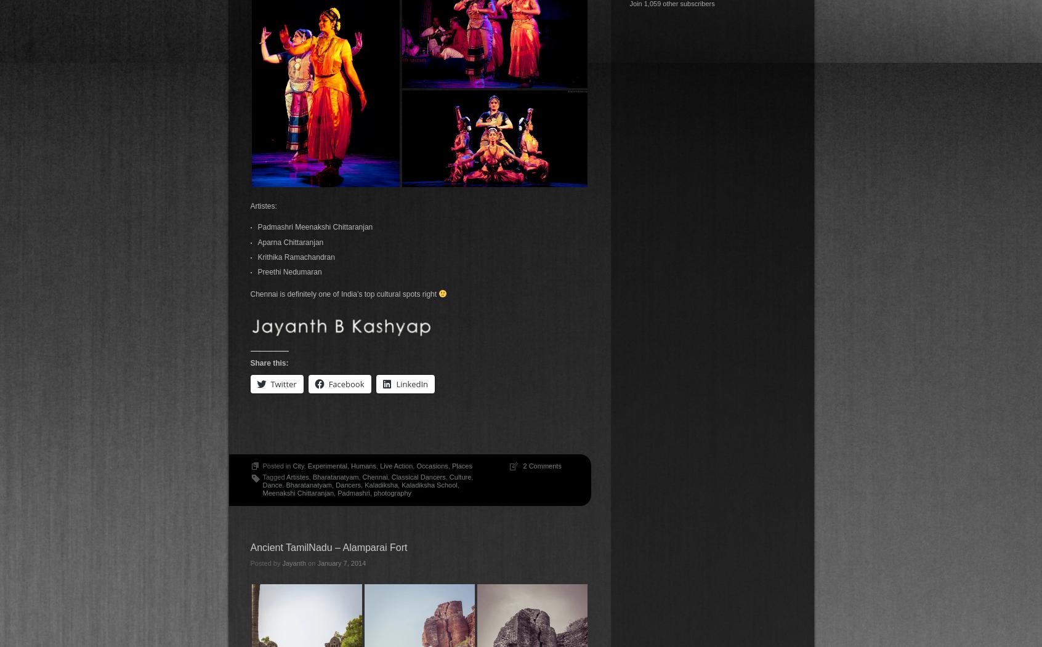 Image resolution: width=1042 pixels, height=647 pixels. Describe the element at coordinates (392, 492) in the screenshot. I see `'photography'` at that location.